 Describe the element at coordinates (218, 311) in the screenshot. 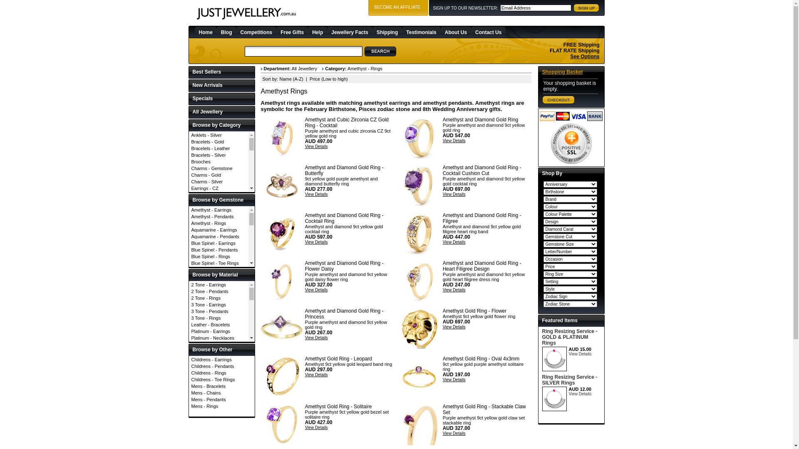

I see `'3 Tone - Pendants'` at that location.